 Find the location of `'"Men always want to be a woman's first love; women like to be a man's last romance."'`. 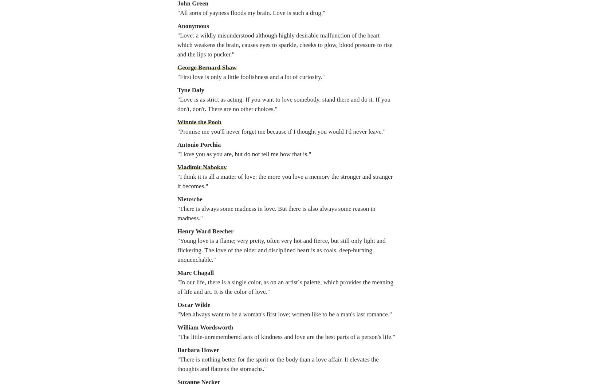

'"Men always want to be a woman's first love; women like to be a man's last romance."' is located at coordinates (284, 314).